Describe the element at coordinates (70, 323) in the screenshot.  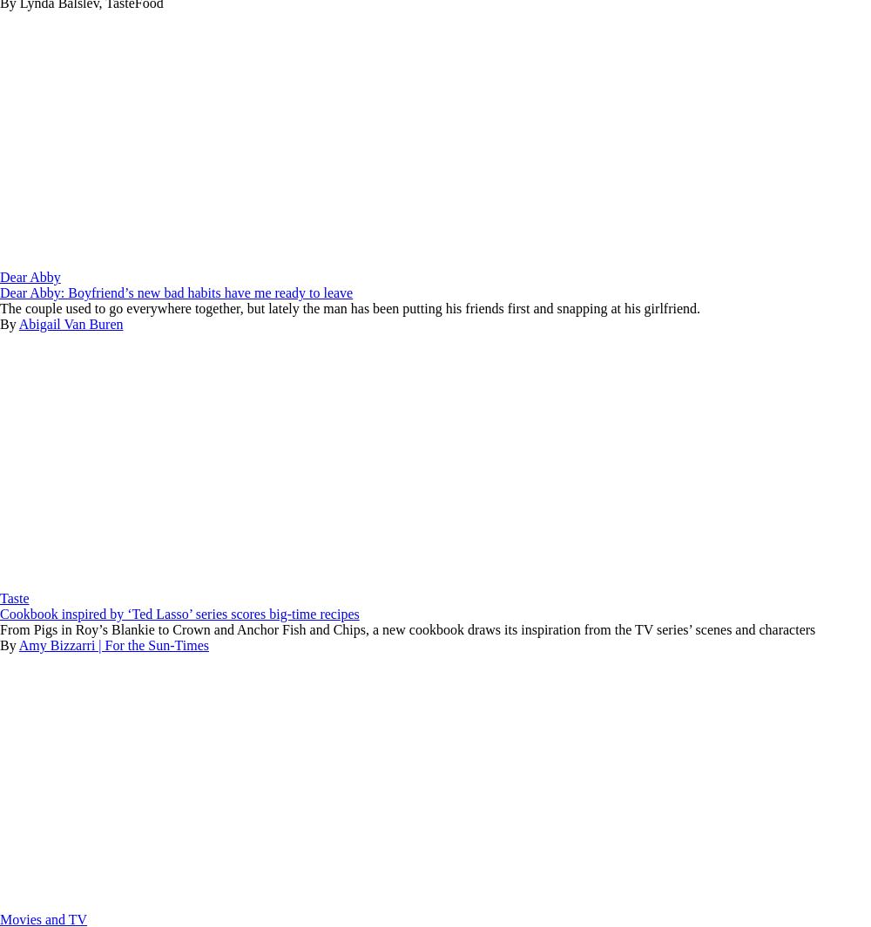
I see `'Abigail Van Buren'` at that location.